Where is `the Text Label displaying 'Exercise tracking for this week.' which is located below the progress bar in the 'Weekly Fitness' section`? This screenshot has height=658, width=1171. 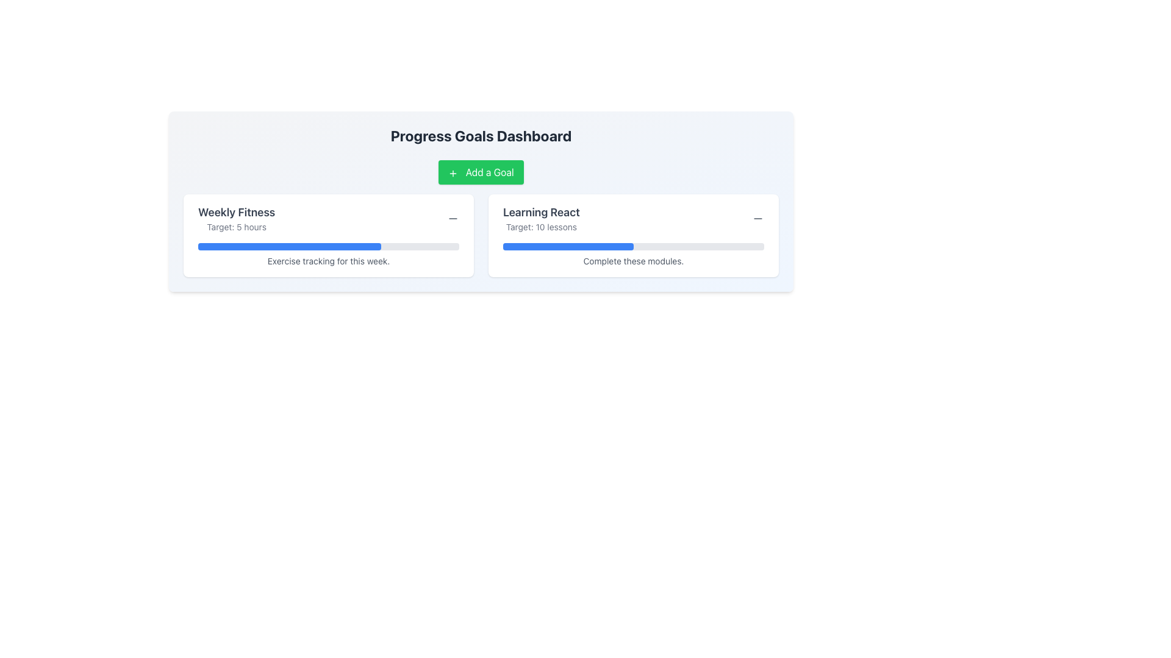
the Text Label displaying 'Exercise tracking for this week.' which is located below the progress bar in the 'Weekly Fitness' section is located at coordinates (328, 255).